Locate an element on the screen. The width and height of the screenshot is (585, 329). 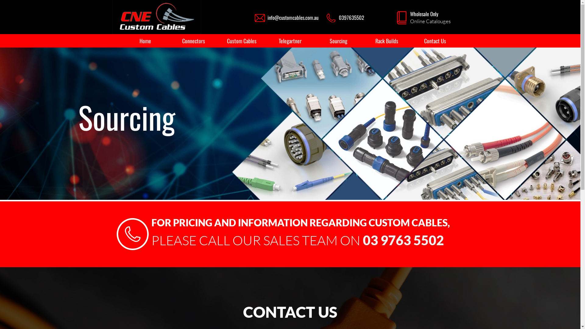
'03 9763 5502' is located at coordinates (403, 240).